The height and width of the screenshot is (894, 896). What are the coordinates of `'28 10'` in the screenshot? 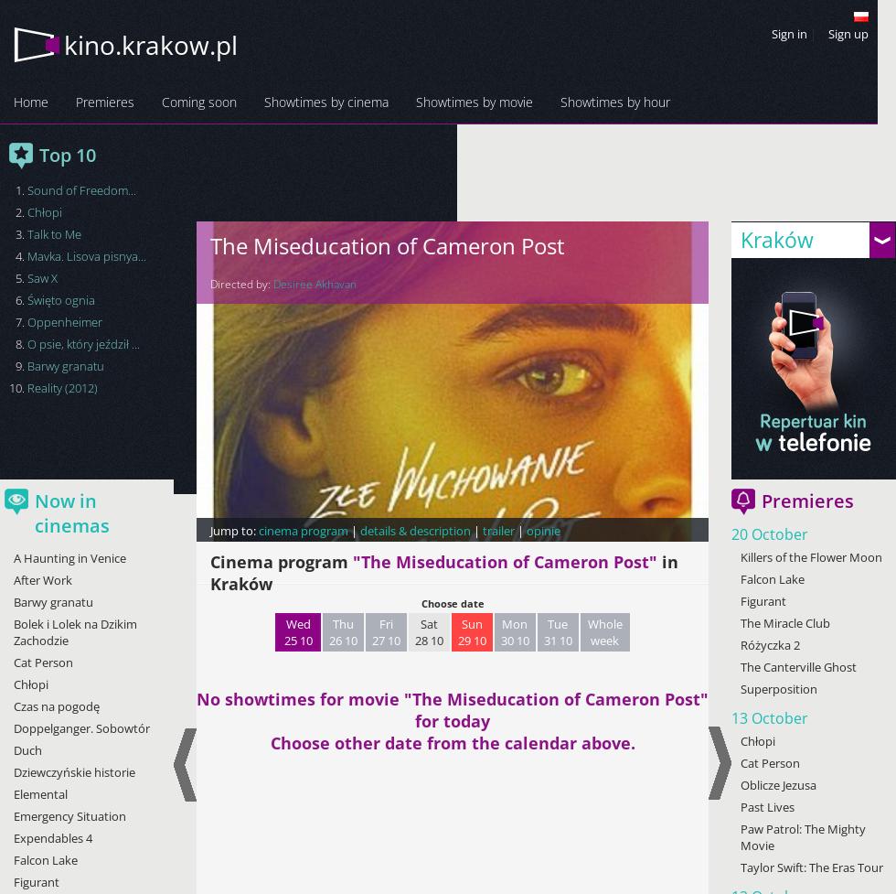 It's located at (429, 641).